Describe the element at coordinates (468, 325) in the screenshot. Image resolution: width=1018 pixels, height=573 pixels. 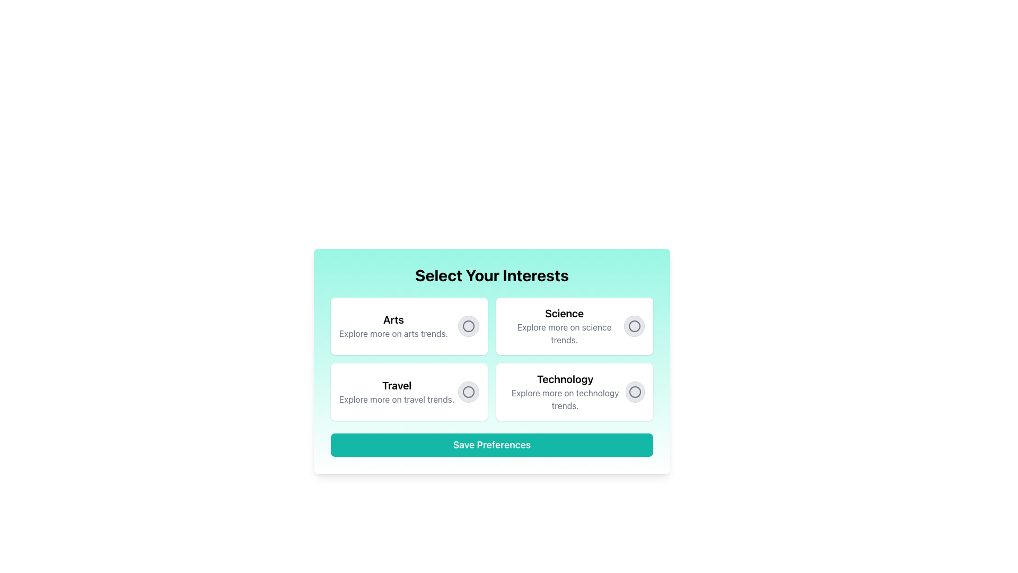
I see `the circular radio button located within the 'Arts' selection card` at that location.